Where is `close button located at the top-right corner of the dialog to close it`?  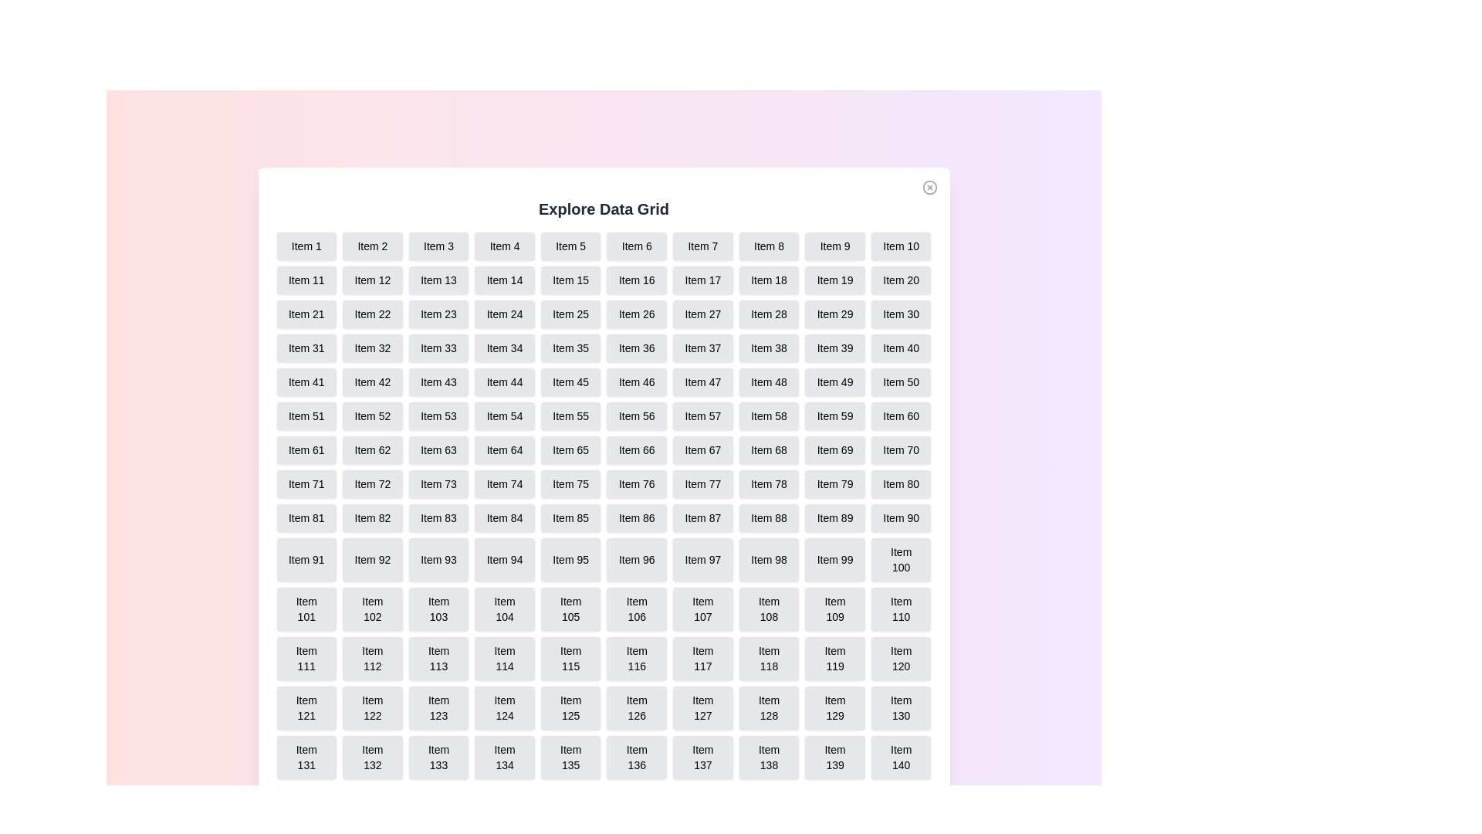 close button located at the top-right corner of the dialog to close it is located at coordinates (929, 187).